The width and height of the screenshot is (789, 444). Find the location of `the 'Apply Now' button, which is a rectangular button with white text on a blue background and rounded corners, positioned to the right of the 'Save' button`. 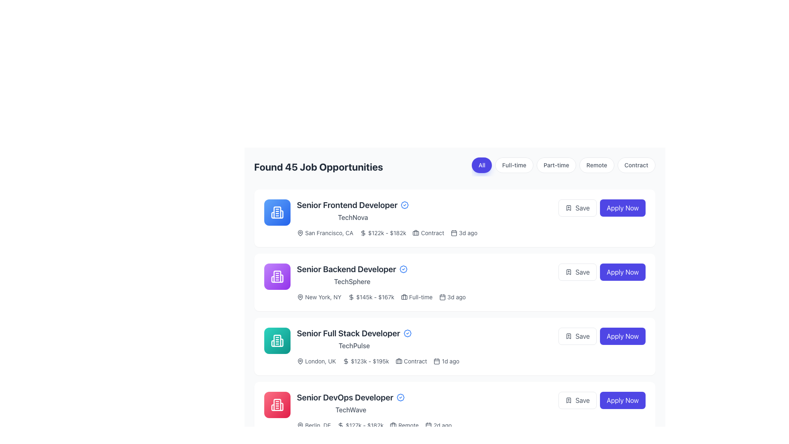

the 'Apply Now' button, which is a rectangular button with white text on a blue background and rounded corners, positioned to the right of the 'Save' button is located at coordinates (623, 336).